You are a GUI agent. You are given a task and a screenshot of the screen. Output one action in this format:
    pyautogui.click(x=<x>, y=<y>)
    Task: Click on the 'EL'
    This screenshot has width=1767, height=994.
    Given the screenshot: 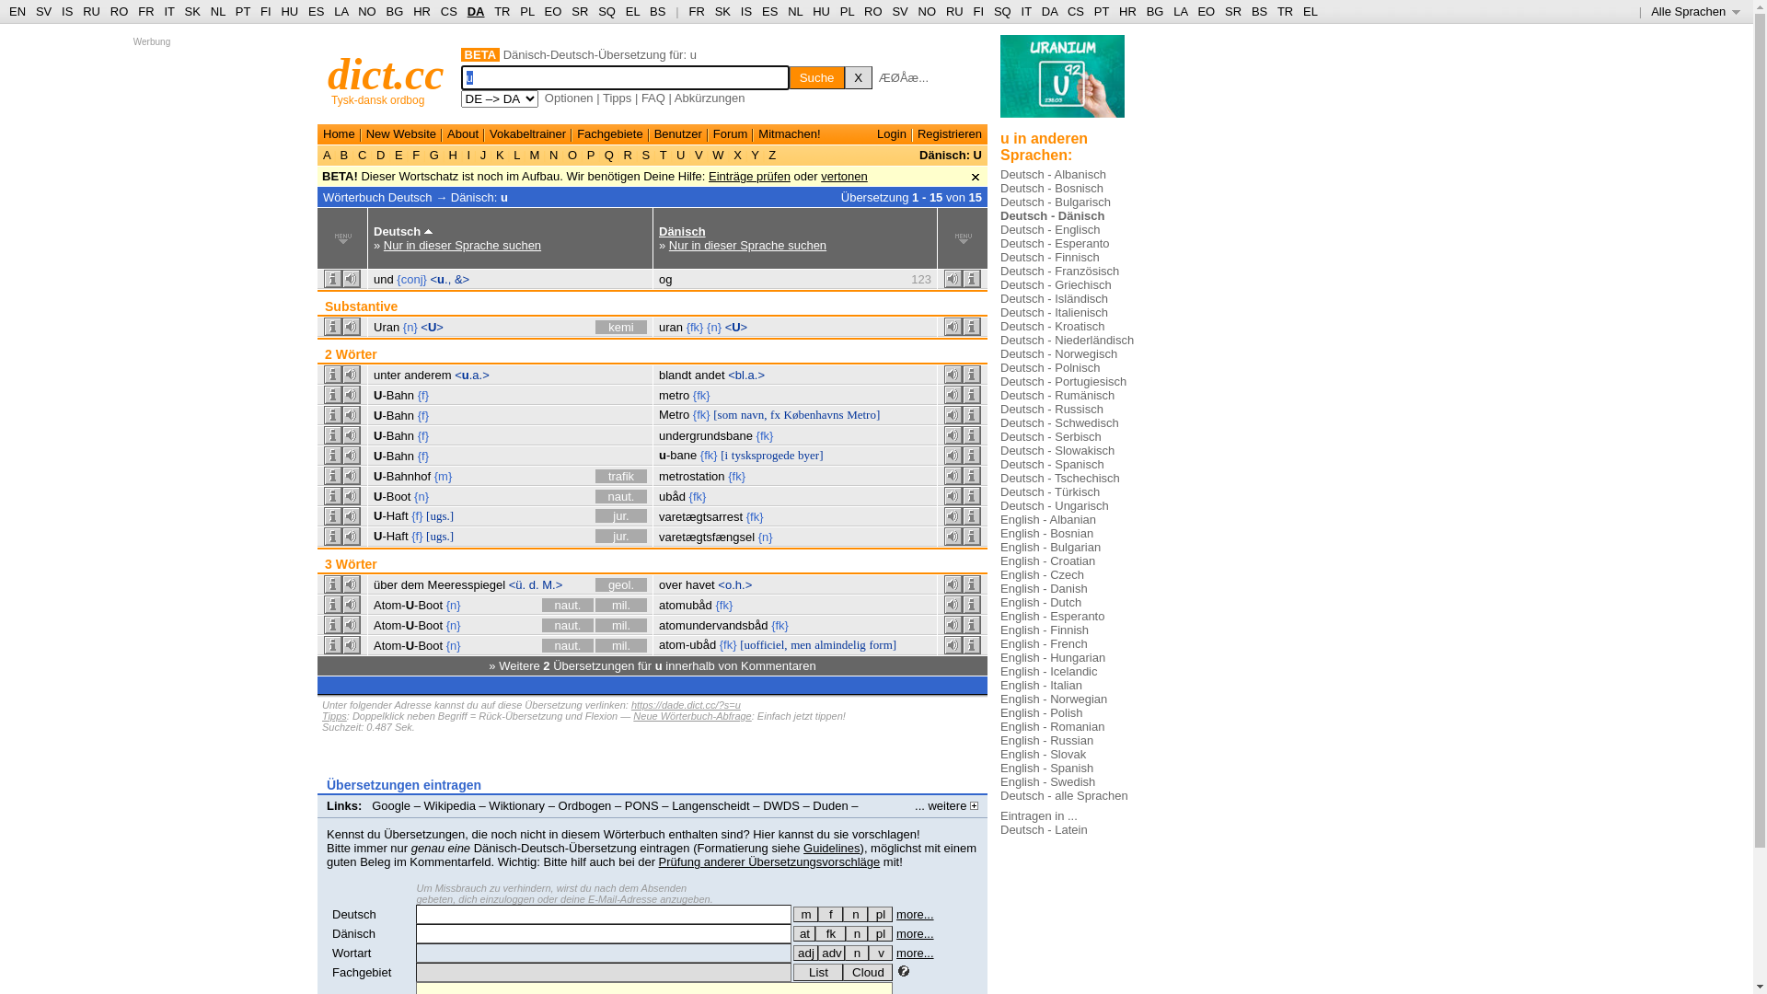 What is the action you would take?
    pyautogui.click(x=632, y=11)
    